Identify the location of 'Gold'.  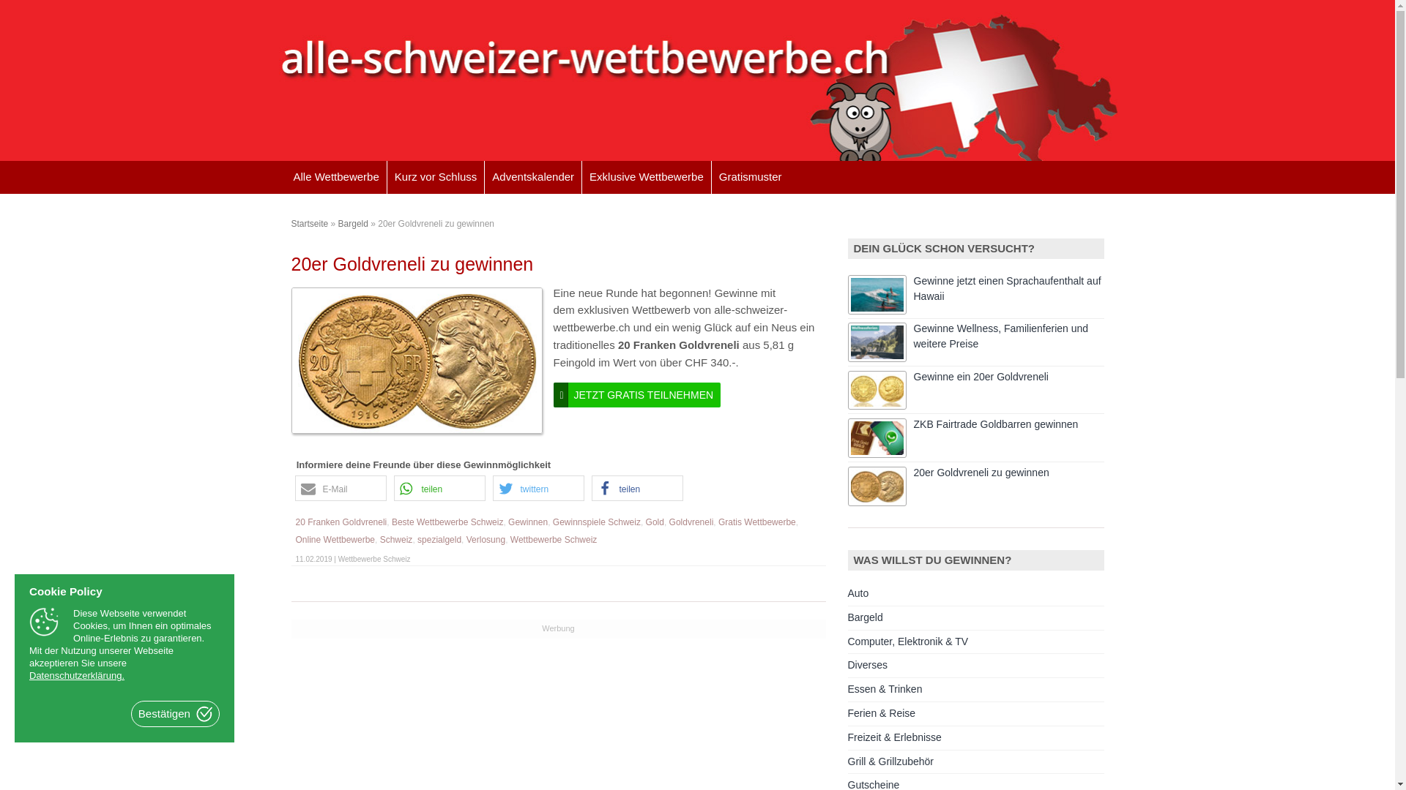
(654, 521).